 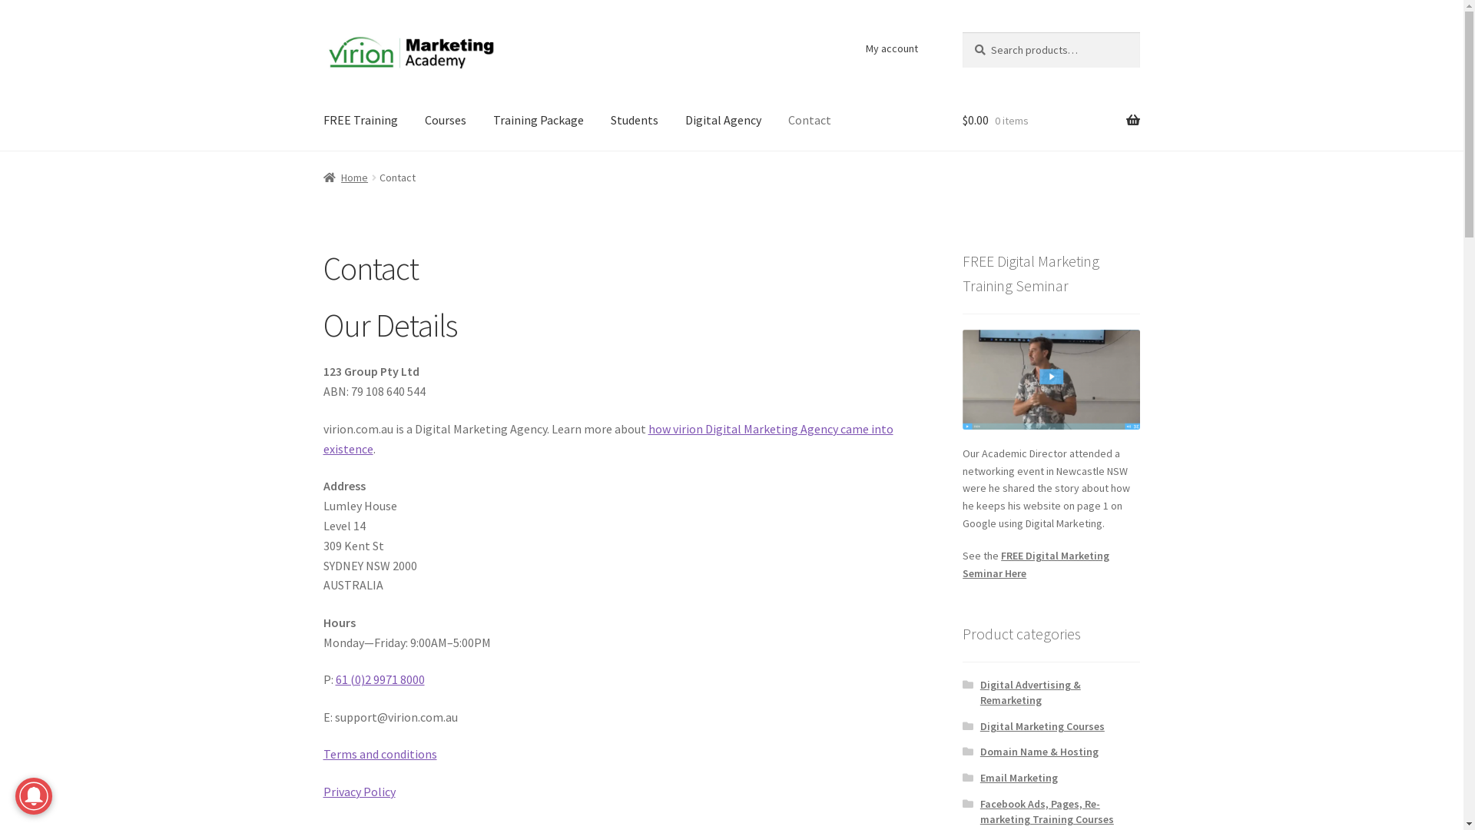 I want to click on 'Students', so click(x=634, y=120).